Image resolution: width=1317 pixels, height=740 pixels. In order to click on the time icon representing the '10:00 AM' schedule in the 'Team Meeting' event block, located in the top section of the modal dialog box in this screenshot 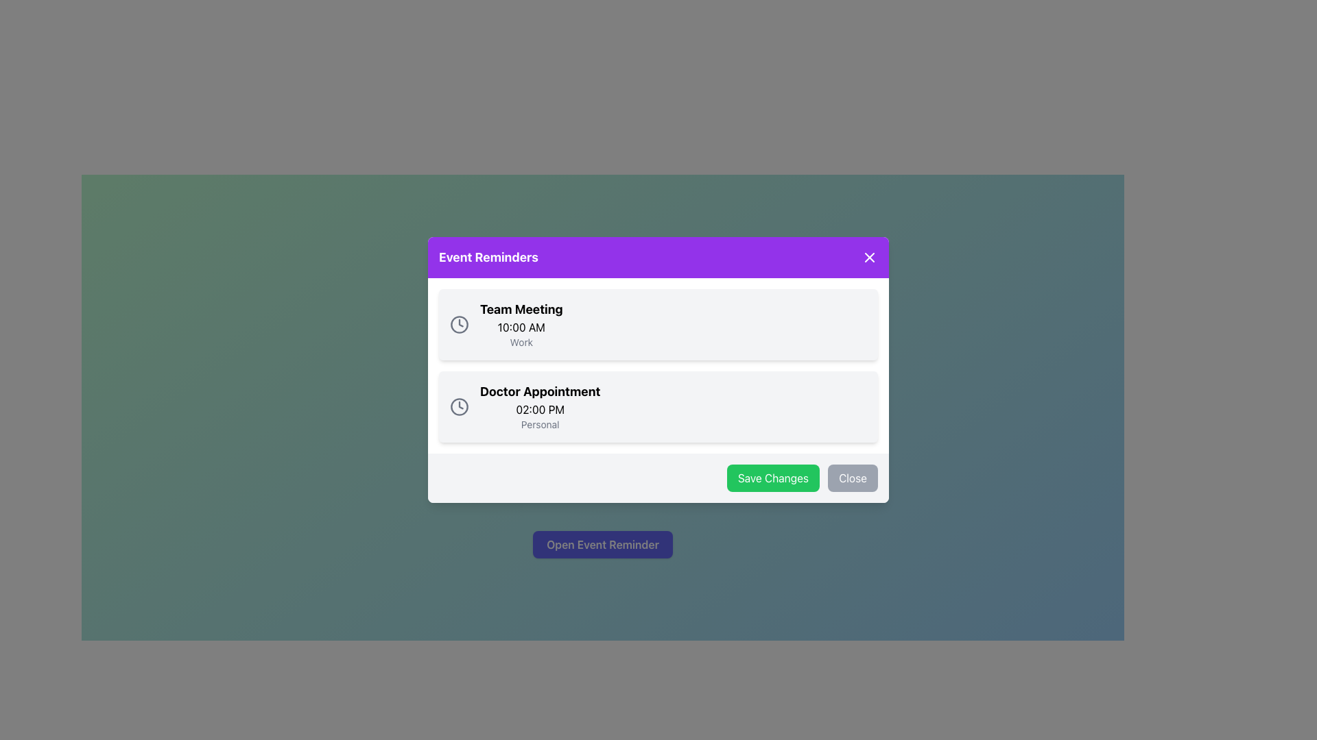, I will do `click(460, 325)`.